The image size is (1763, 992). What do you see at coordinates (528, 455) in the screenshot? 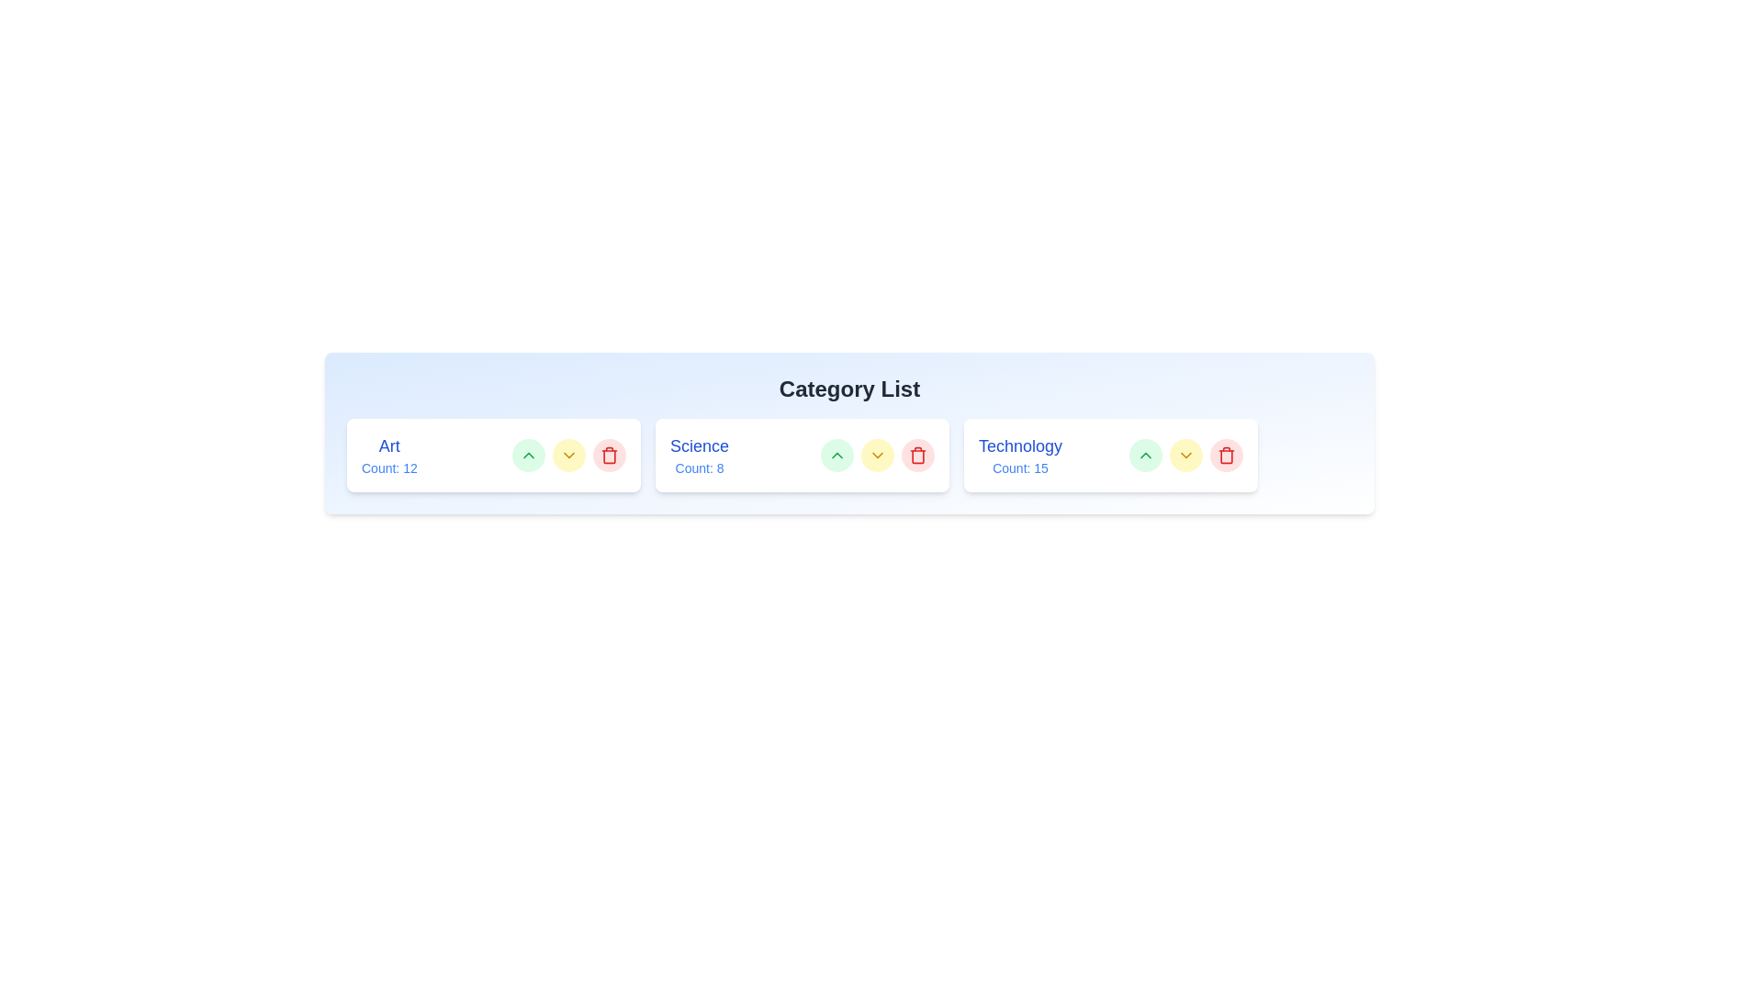
I see `the 'Chevron Up' button for the 'Art' category to increase its count` at bounding box center [528, 455].